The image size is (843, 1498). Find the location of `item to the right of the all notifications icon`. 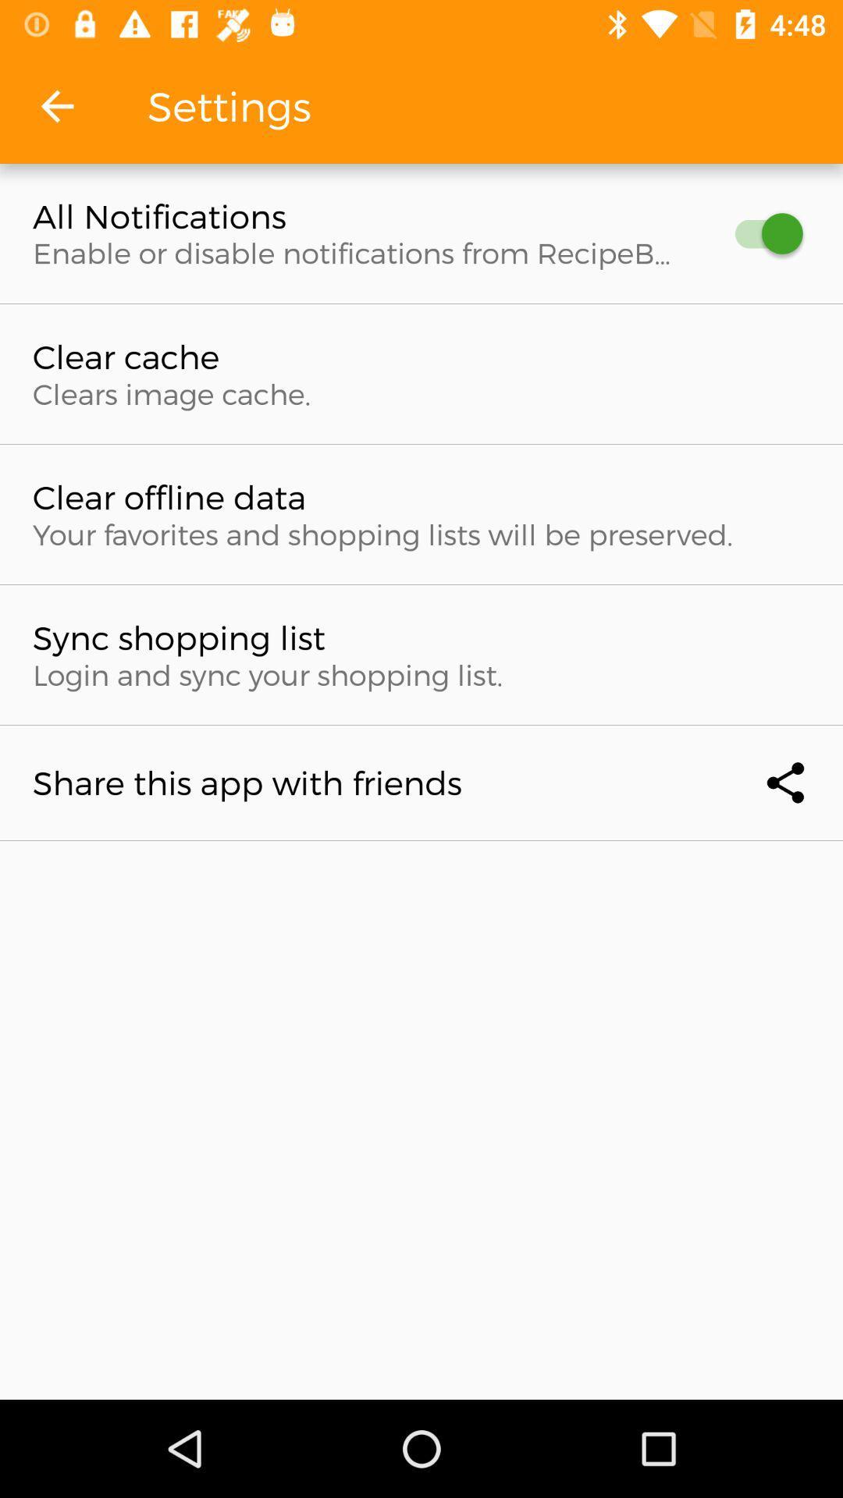

item to the right of the all notifications icon is located at coordinates (760, 233).